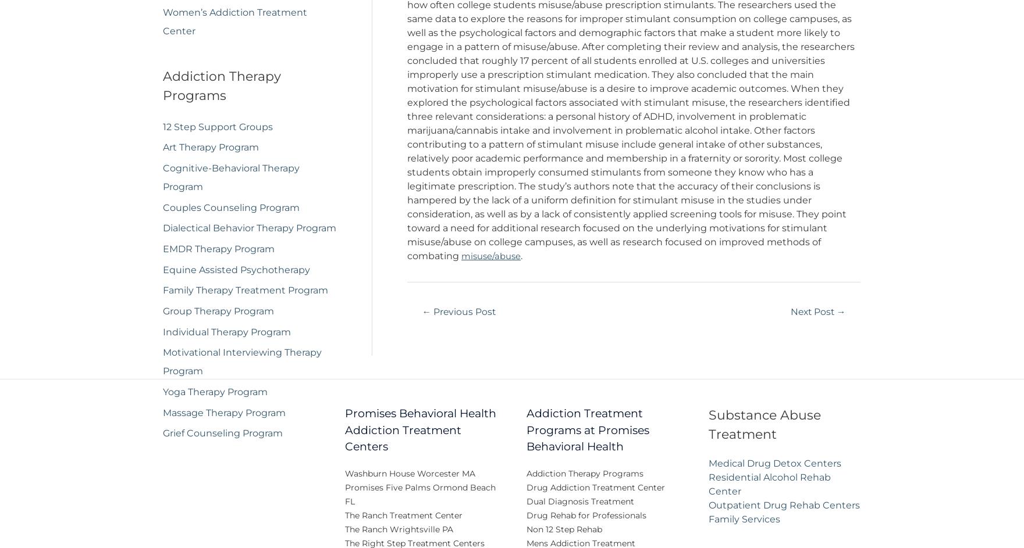 This screenshot has height=548, width=1024. I want to click on 'Women’s Addiction Treatment Center', so click(162, 27).